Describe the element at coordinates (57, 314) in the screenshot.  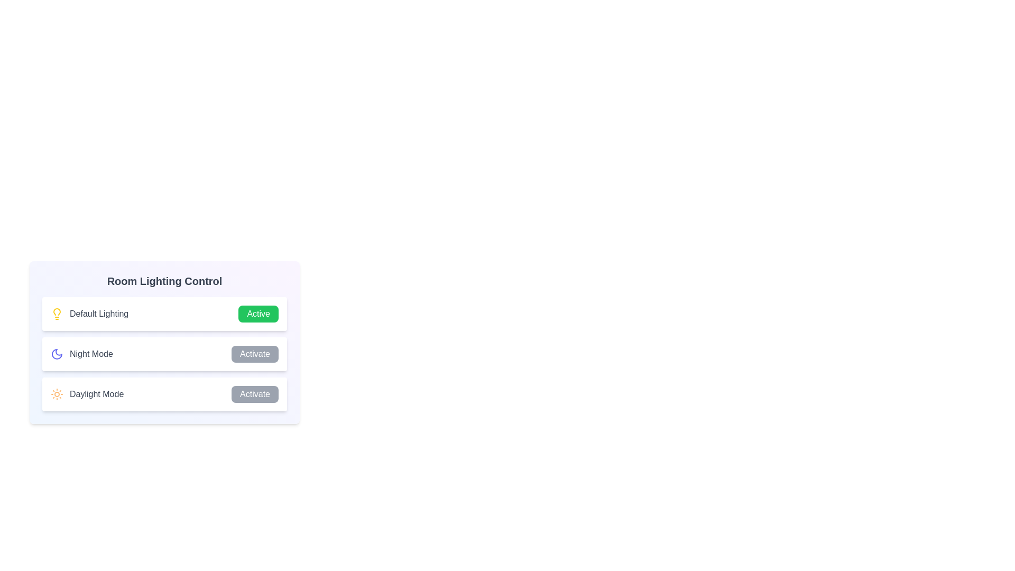
I see `the icon representing the lighting mode Default Lighting` at that location.